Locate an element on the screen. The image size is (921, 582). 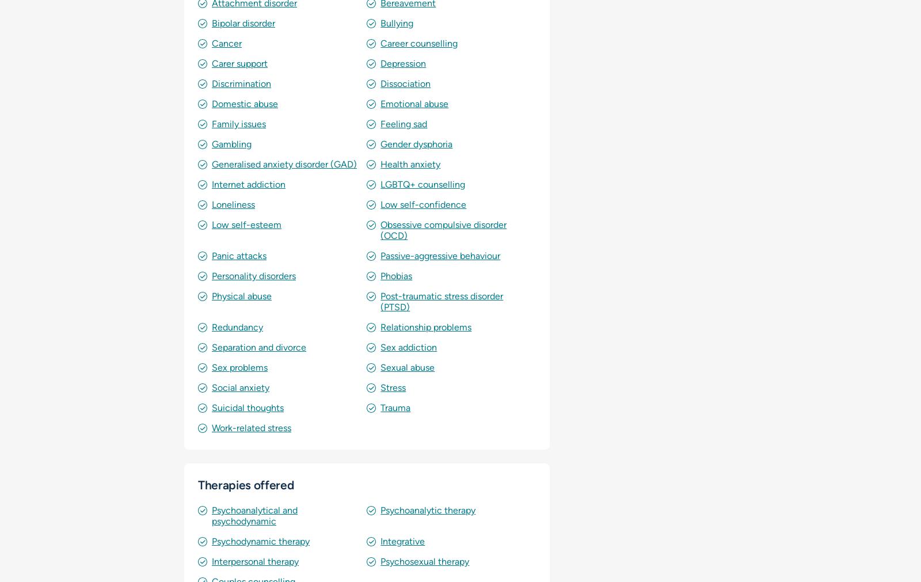
'Dissociation' is located at coordinates (380, 83).